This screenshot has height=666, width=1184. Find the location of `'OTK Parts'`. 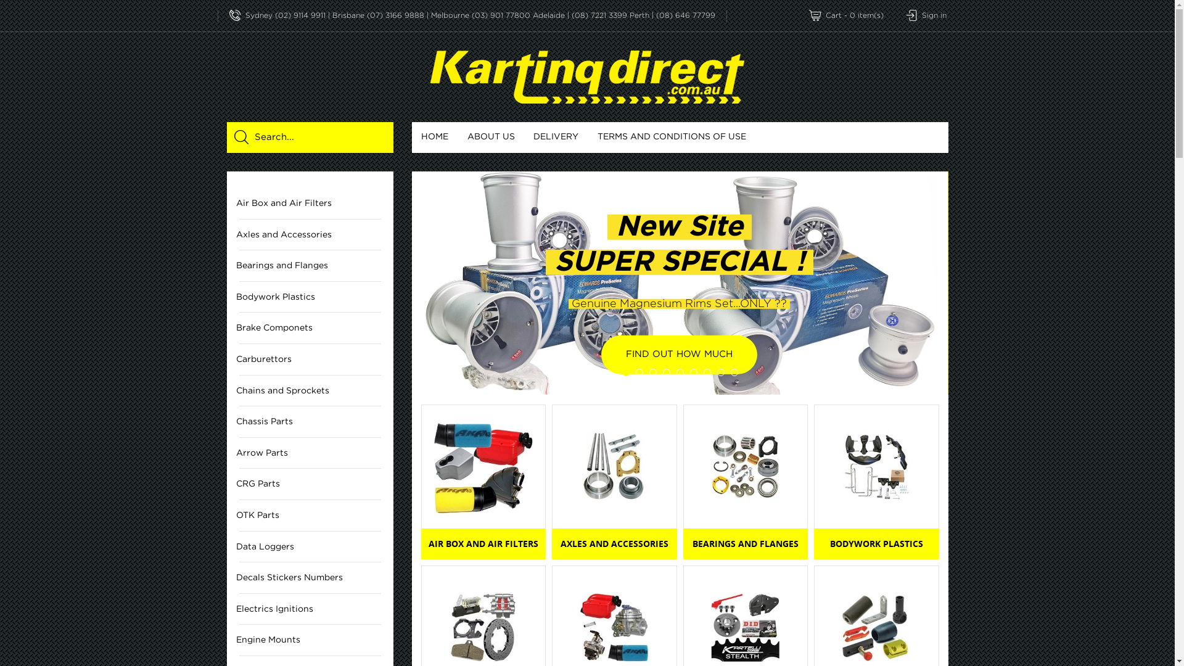

'OTK Parts' is located at coordinates (310, 516).